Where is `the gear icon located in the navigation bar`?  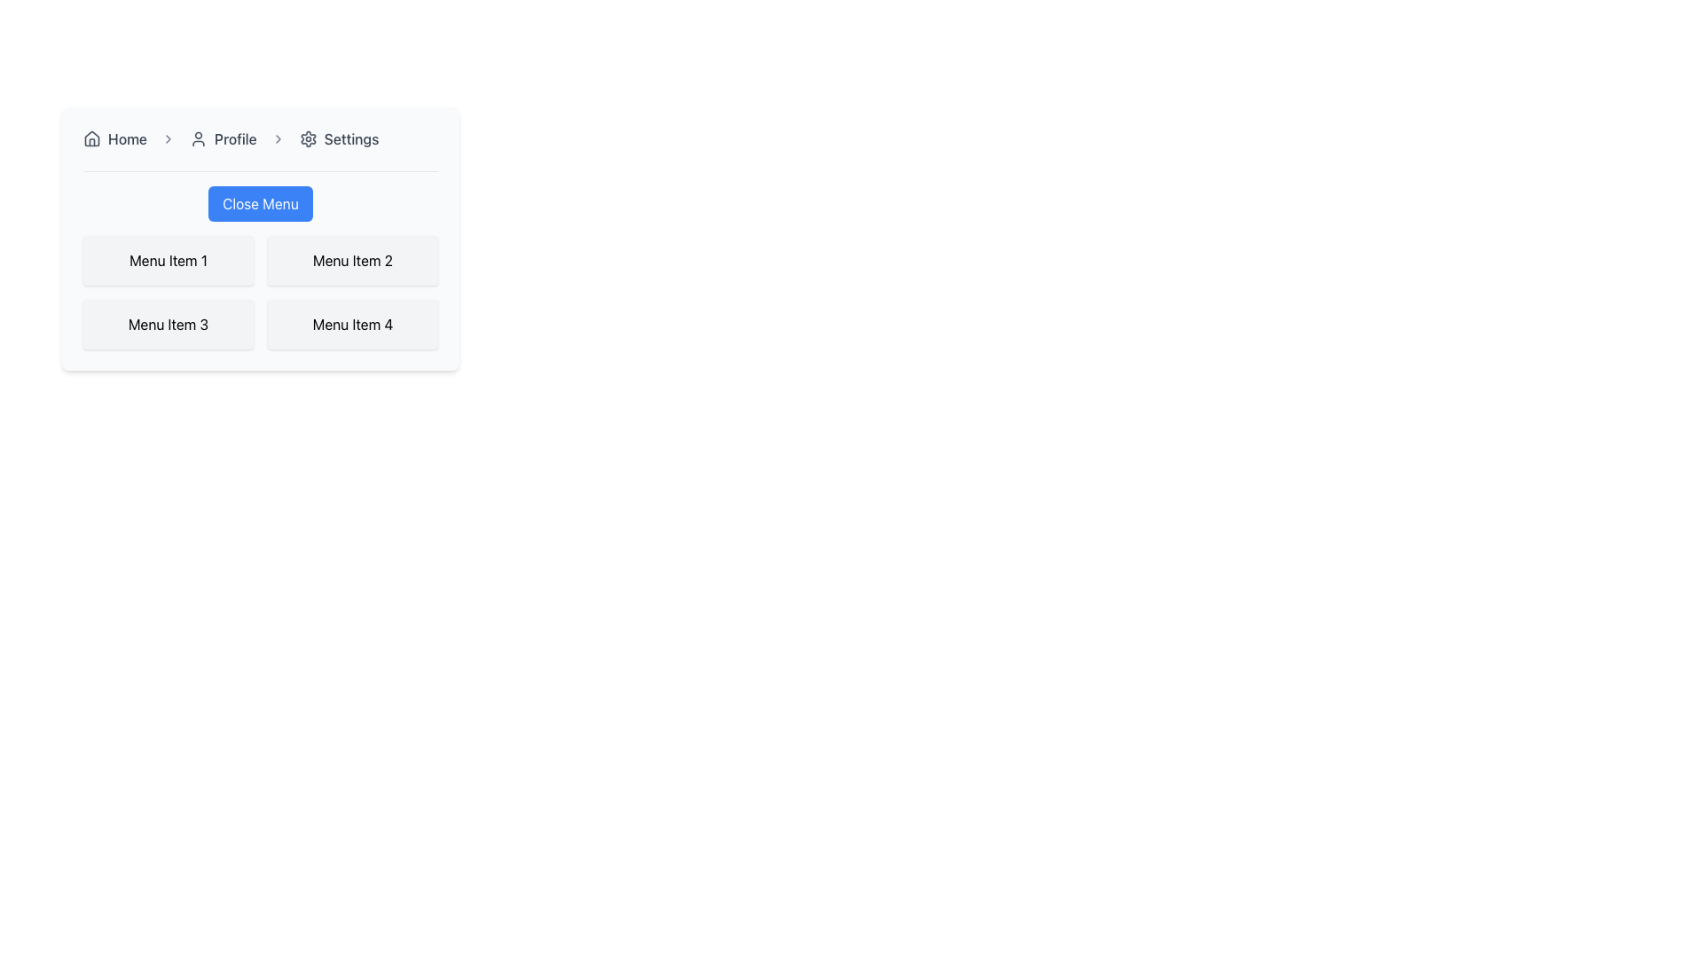 the gear icon located in the navigation bar is located at coordinates (308, 138).